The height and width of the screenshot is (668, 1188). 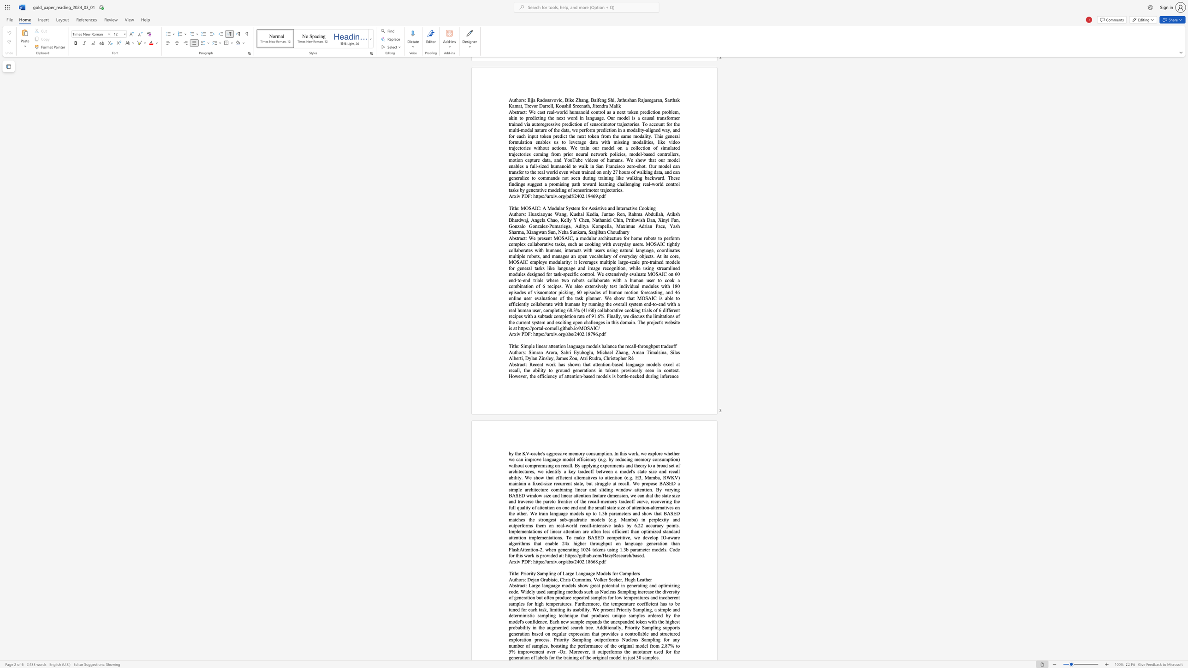 What do you see at coordinates (569, 651) in the screenshot?
I see `the subset text "Moreover, it outperforms the autotuner used for the generation of labels for the training of the origin" within the text "improvement over -Oz. Moreover, it outperforms the autotuner used for the generation of labels for the training of the original model in just 30 samples."` at bounding box center [569, 651].